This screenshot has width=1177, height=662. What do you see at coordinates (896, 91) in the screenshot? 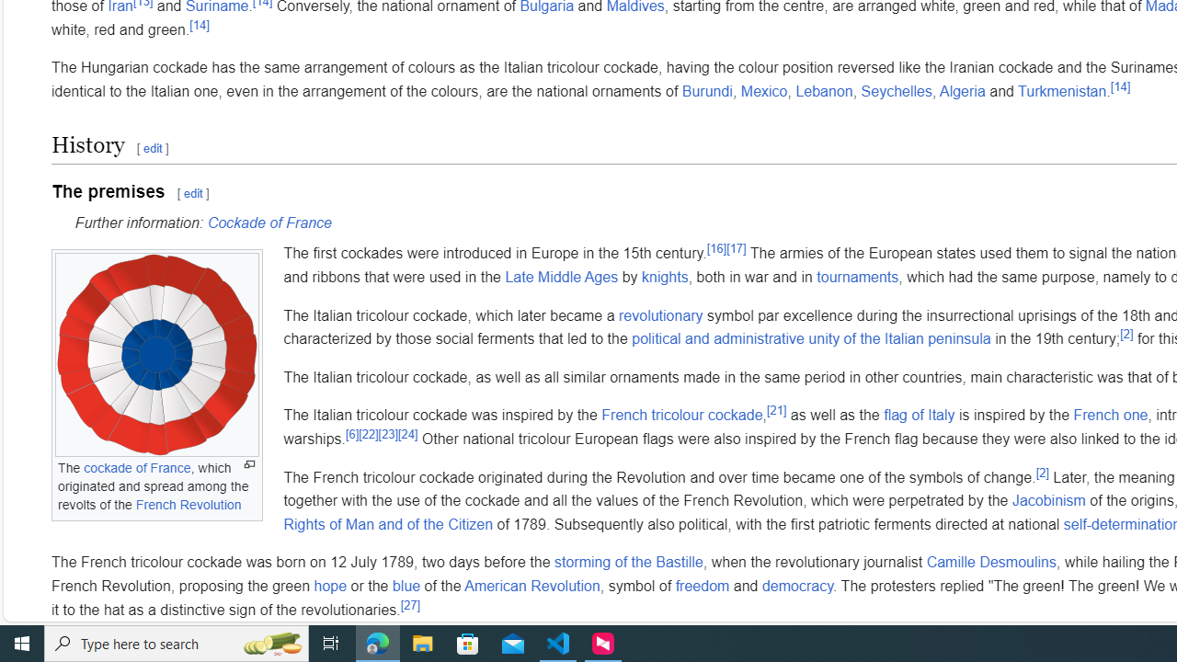
I see `'Seychelles'` at bounding box center [896, 91].